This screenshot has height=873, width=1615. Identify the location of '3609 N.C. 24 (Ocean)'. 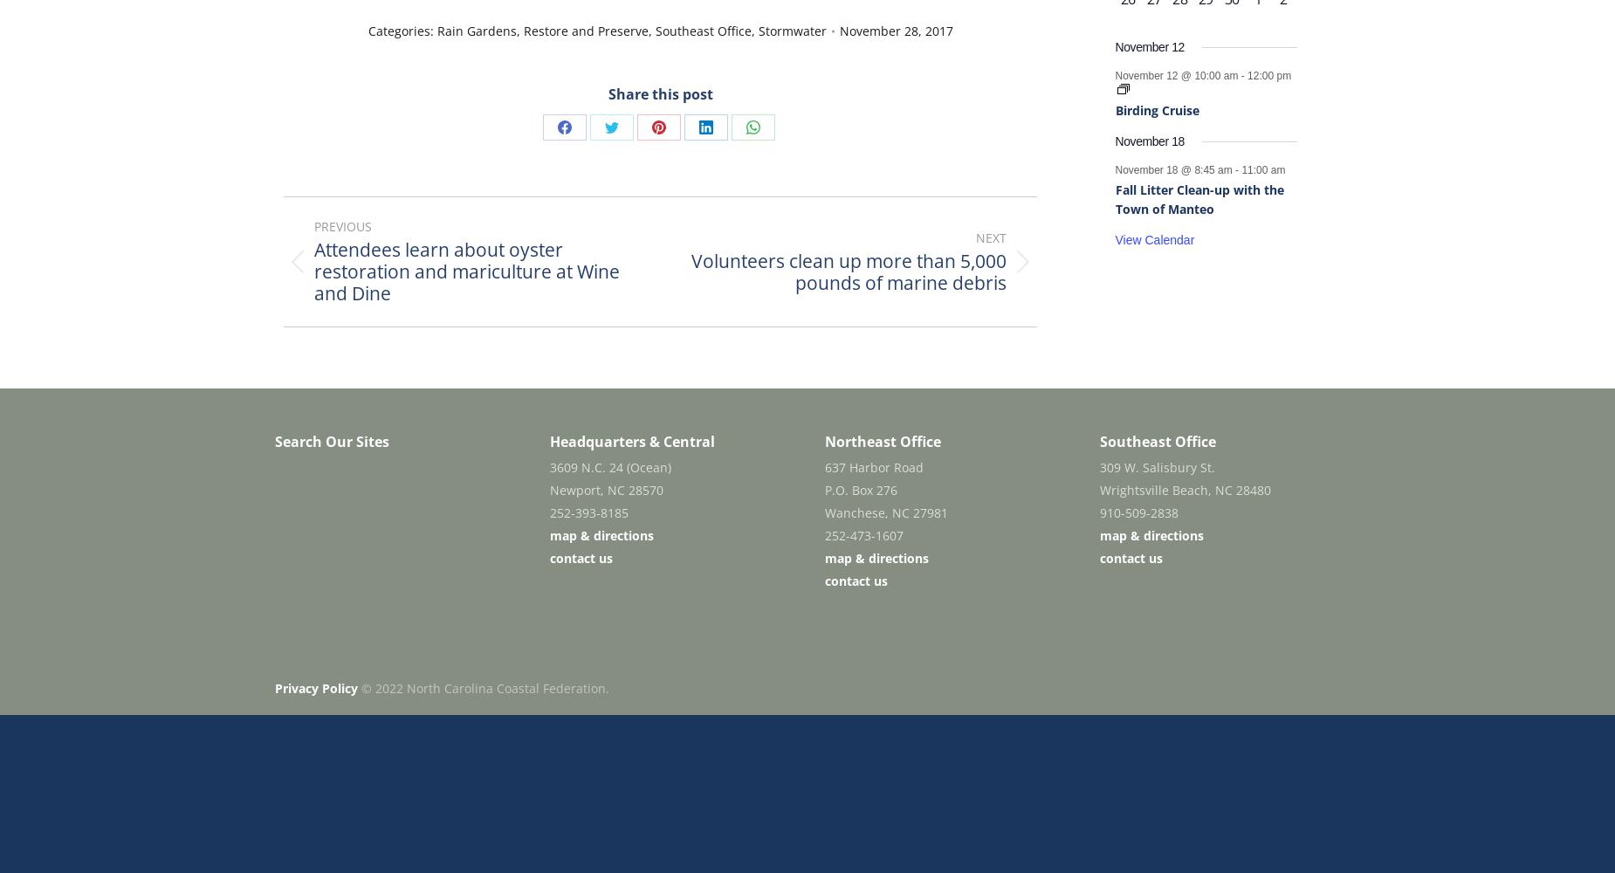
(610, 467).